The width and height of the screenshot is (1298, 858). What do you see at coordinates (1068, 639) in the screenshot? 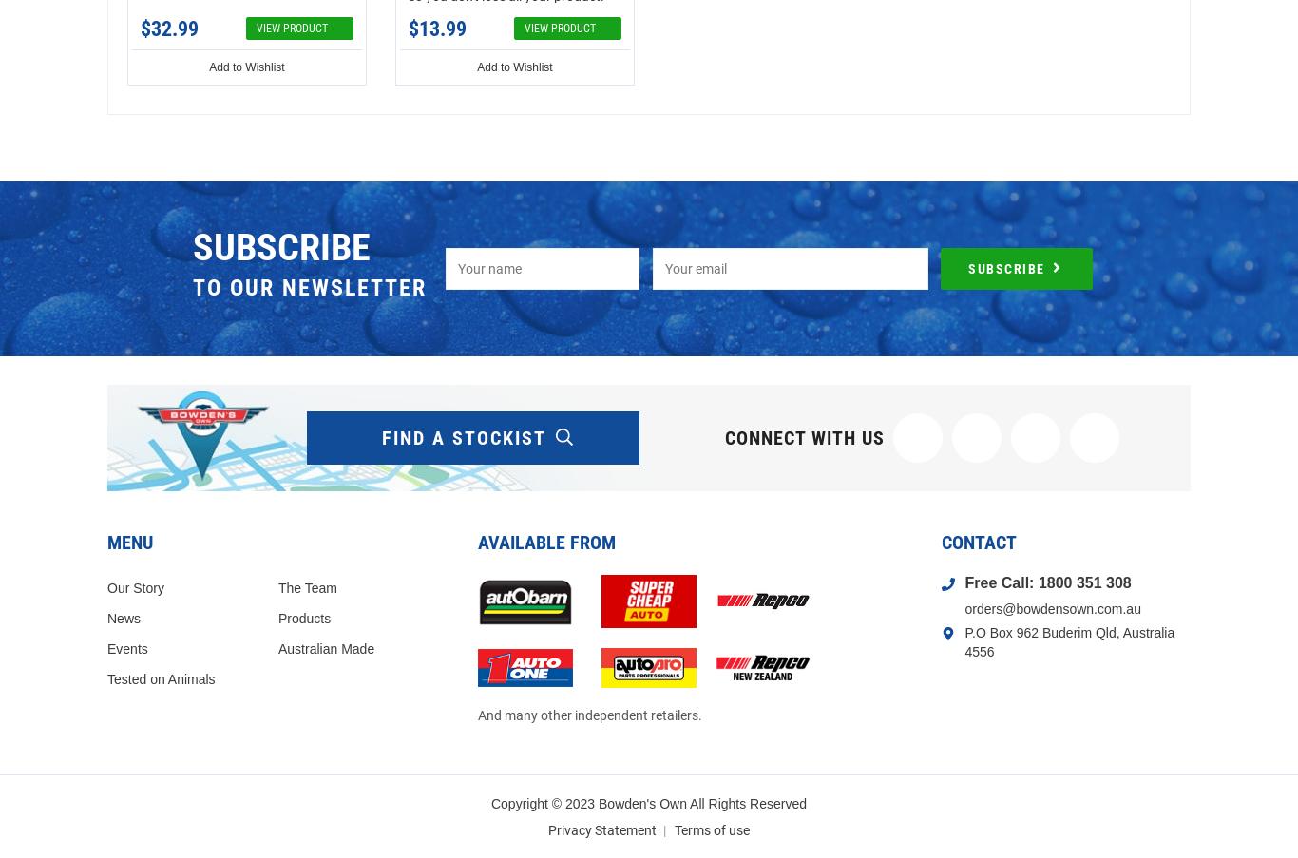
I see `'P.O Box 962 Buderim Qld, Australia 4556'` at bounding box center [1068, 639].